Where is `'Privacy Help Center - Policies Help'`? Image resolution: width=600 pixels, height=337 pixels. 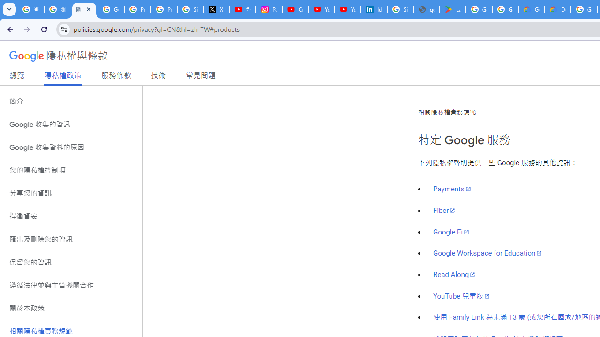 'Privacy Help Center - Policies Help' is located at coordinates (164, 9).